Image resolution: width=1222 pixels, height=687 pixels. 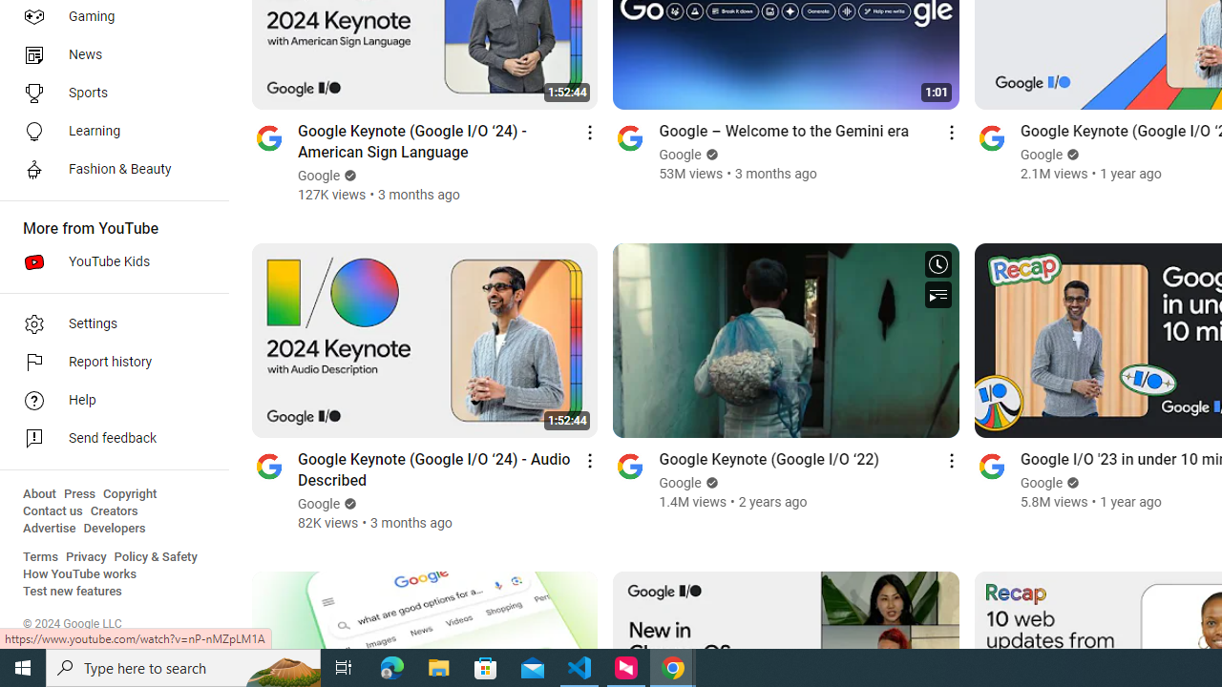 I want to click on 'Press', so click(x=78, y=493).